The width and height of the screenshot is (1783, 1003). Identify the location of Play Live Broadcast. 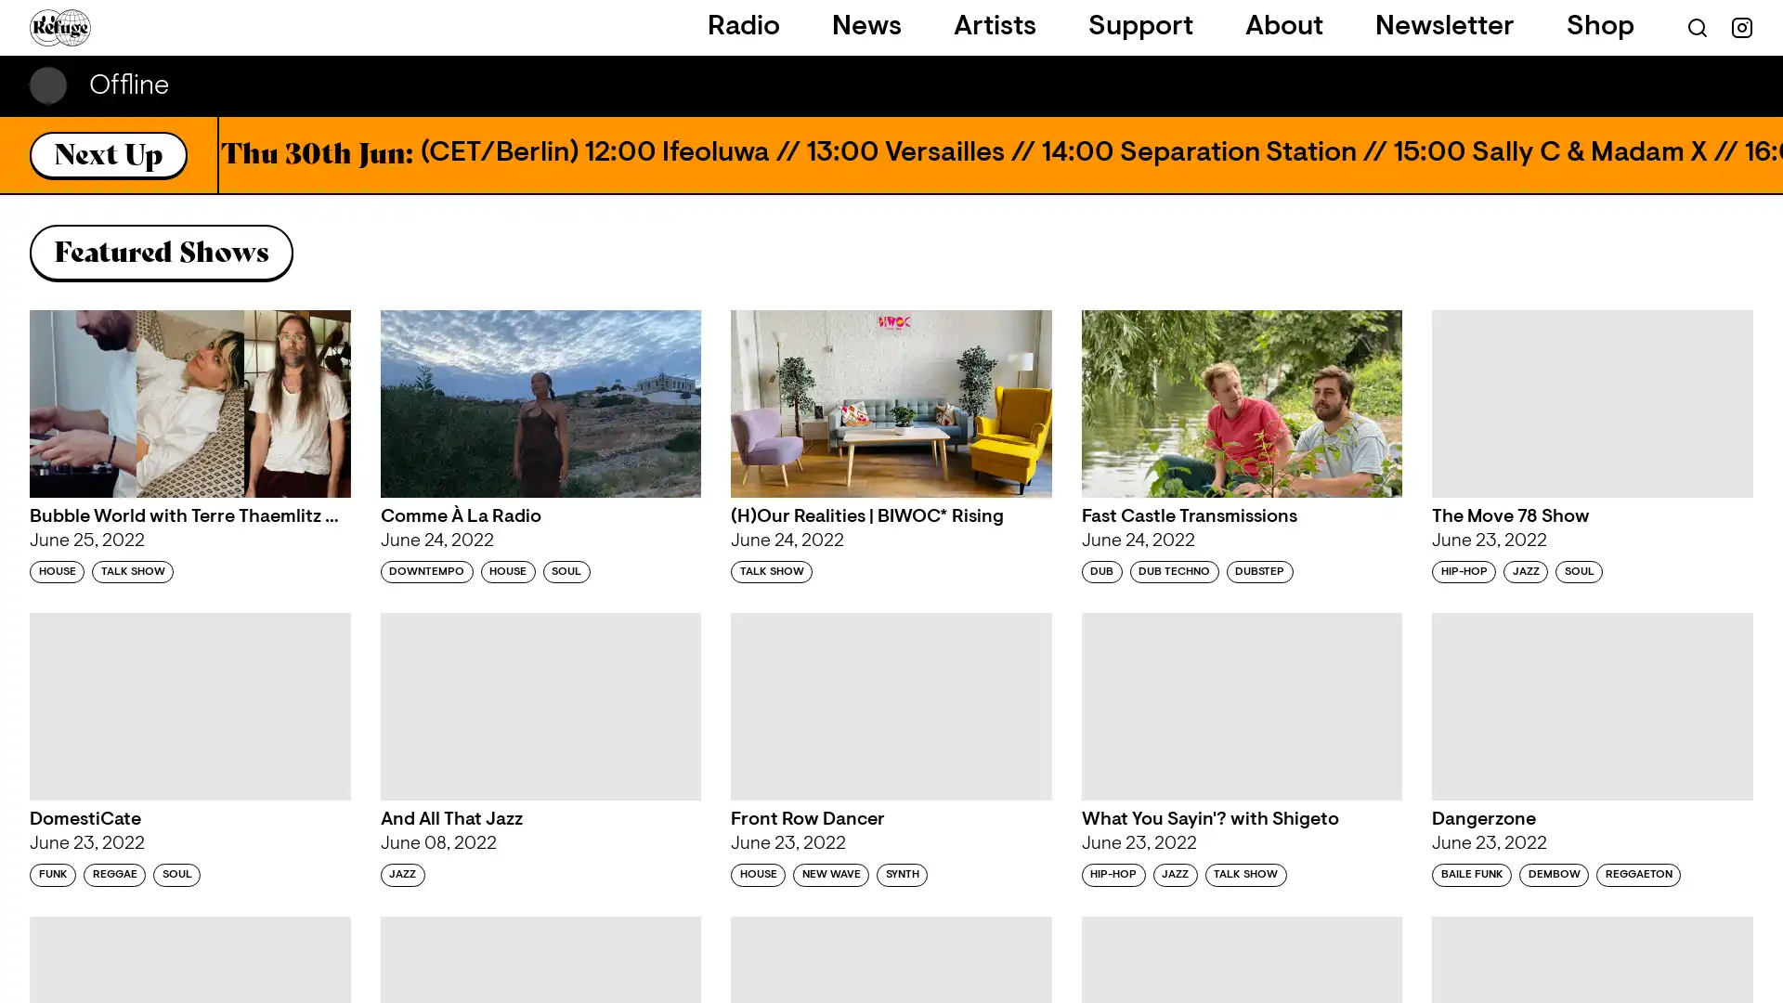
(1736, 85).